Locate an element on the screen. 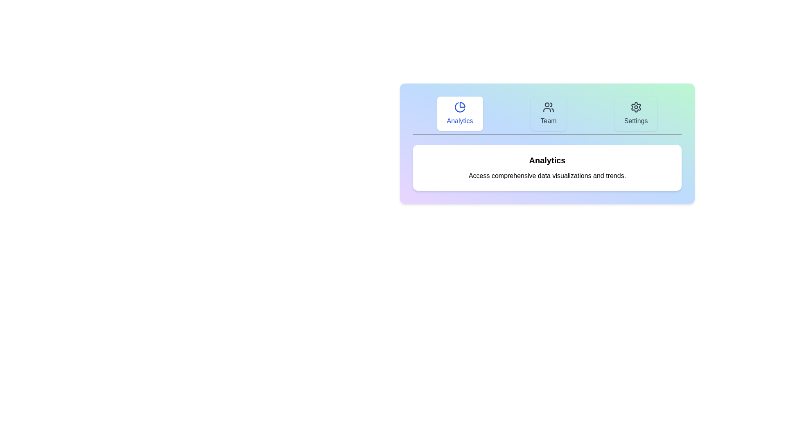 The height and width of the screenshot is (442, 786). the Analytics tab to observe its icon and label is located at coordinates (460, 113).